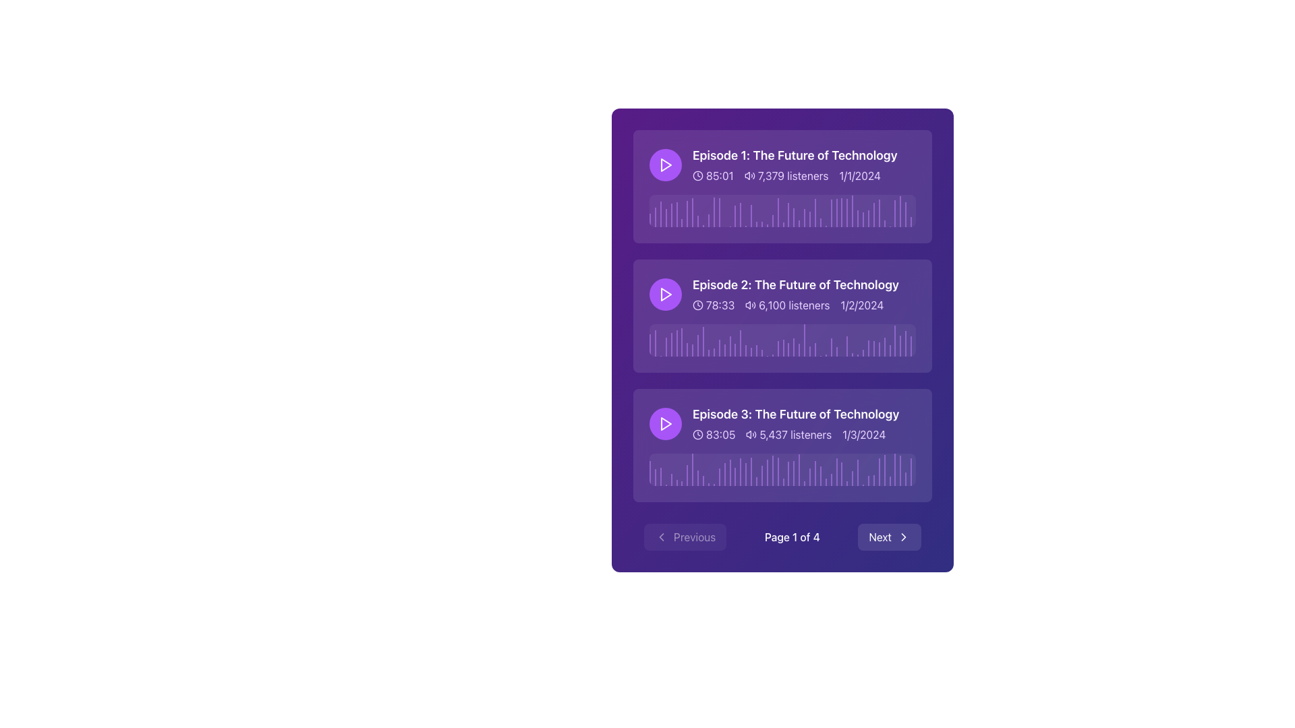 This screenshot has height=728, width=1295. Describe the element at coordinates (796, 284) in the screenshot. I see `the title text label of Episode 2, which is centrally positioned in the second row of the list-like structure` at that location.